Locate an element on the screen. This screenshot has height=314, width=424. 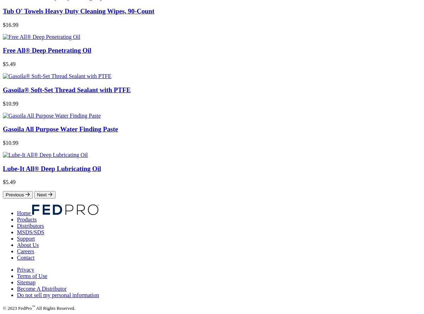
'Contact' is located at coordinates (17, 257).